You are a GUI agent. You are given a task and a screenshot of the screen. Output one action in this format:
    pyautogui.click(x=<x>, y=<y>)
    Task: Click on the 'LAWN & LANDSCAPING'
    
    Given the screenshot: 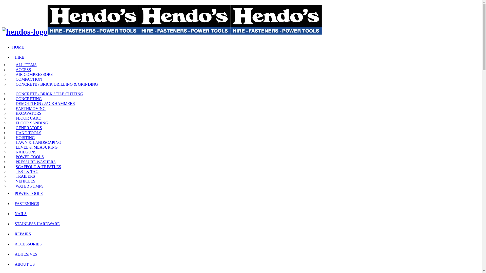 What is the action you would take?
    pyautogui.click(x=37, y=142)
    